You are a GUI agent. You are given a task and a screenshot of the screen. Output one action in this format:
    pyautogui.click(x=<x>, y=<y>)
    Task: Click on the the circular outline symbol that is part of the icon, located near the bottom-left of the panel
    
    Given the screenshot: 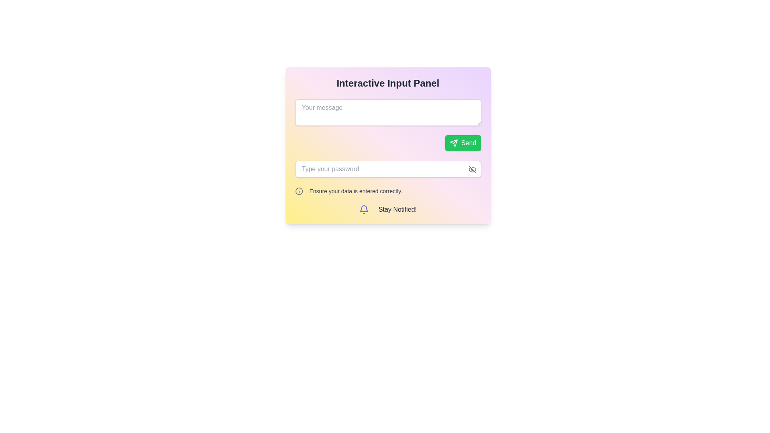 What is the action you would take?
    pyautogui.click(x=298, y=191)
    